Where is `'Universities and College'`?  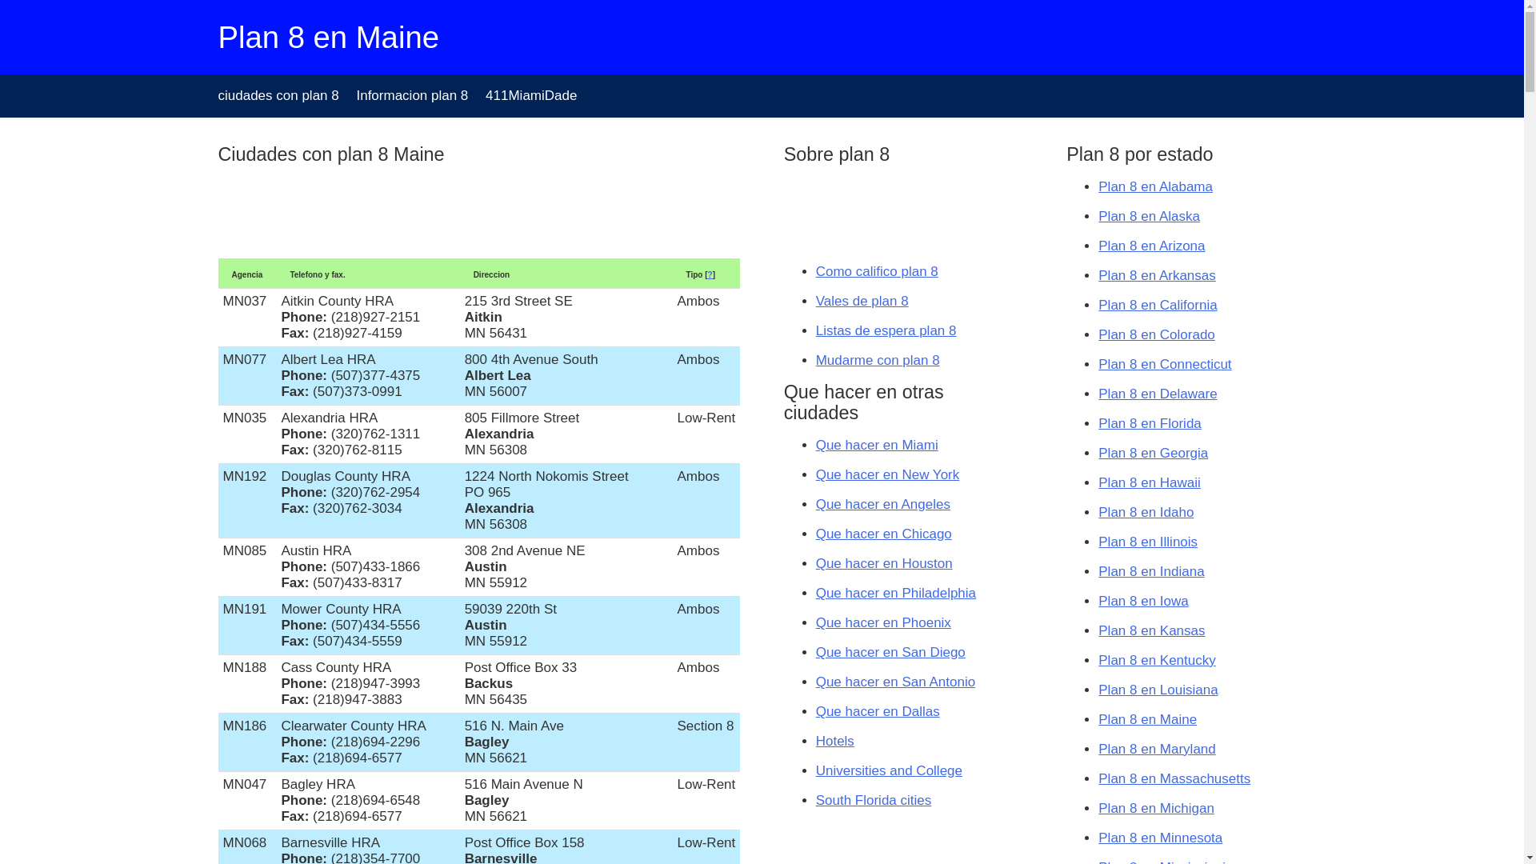 'Universities and College' is located at coordinates (888, 770).